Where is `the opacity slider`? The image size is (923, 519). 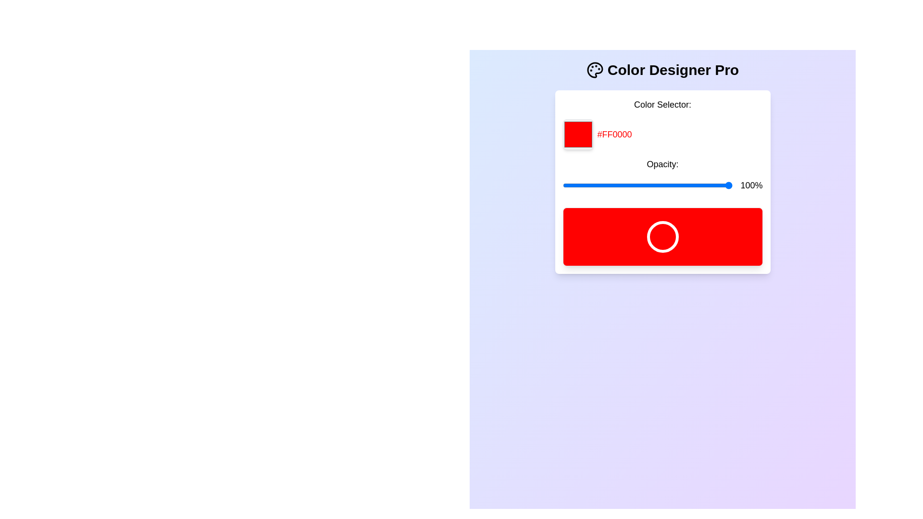
the opacity slider is located at coordinates (622, 185).